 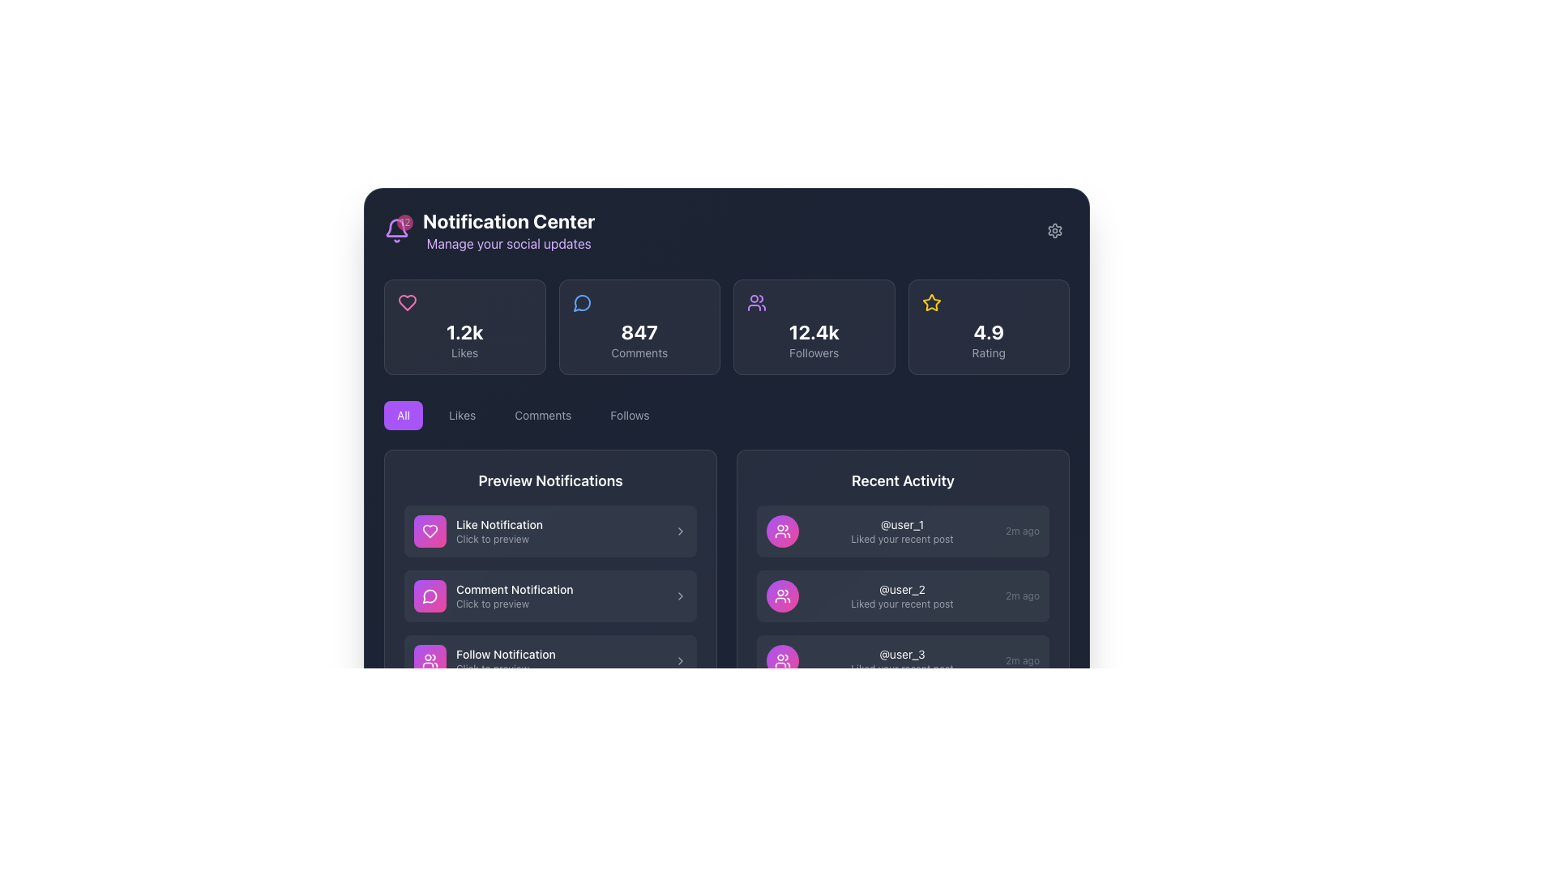 What do you see at coordinates (629, 415) in the screenshot?
I see `the 'Follows' button, which is the fourth button in a row of four` at bounding box center [629, 415].